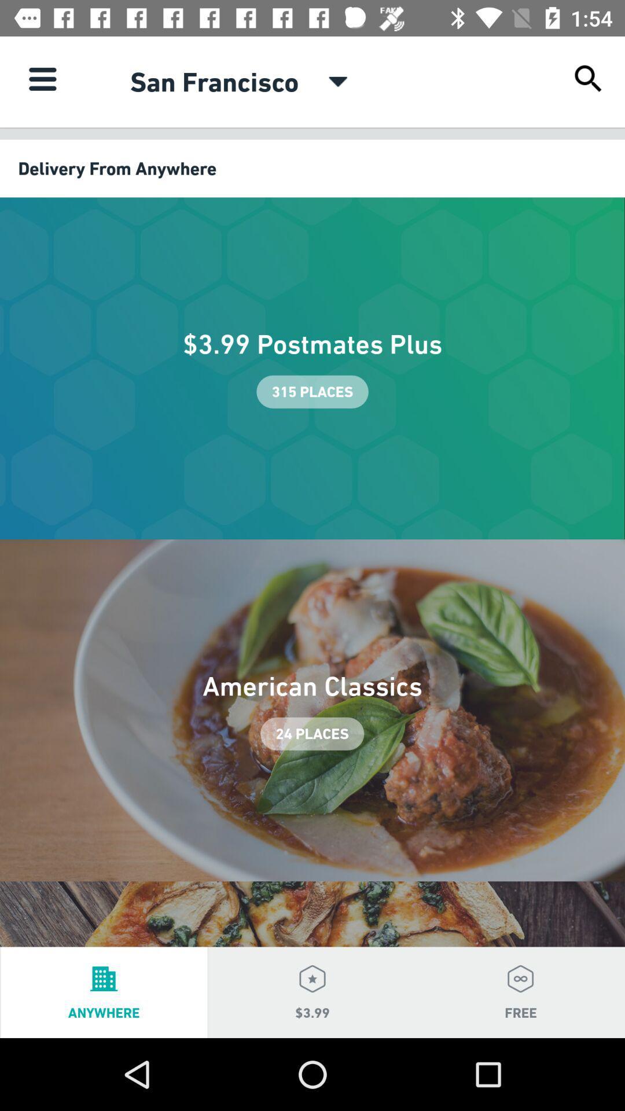 The height and width of the screenshot is (1111, 625). What do you see at coordinates (589, 78) in the screenshot?
I see `the item at the top right corner` at bounding box center [589, 78].